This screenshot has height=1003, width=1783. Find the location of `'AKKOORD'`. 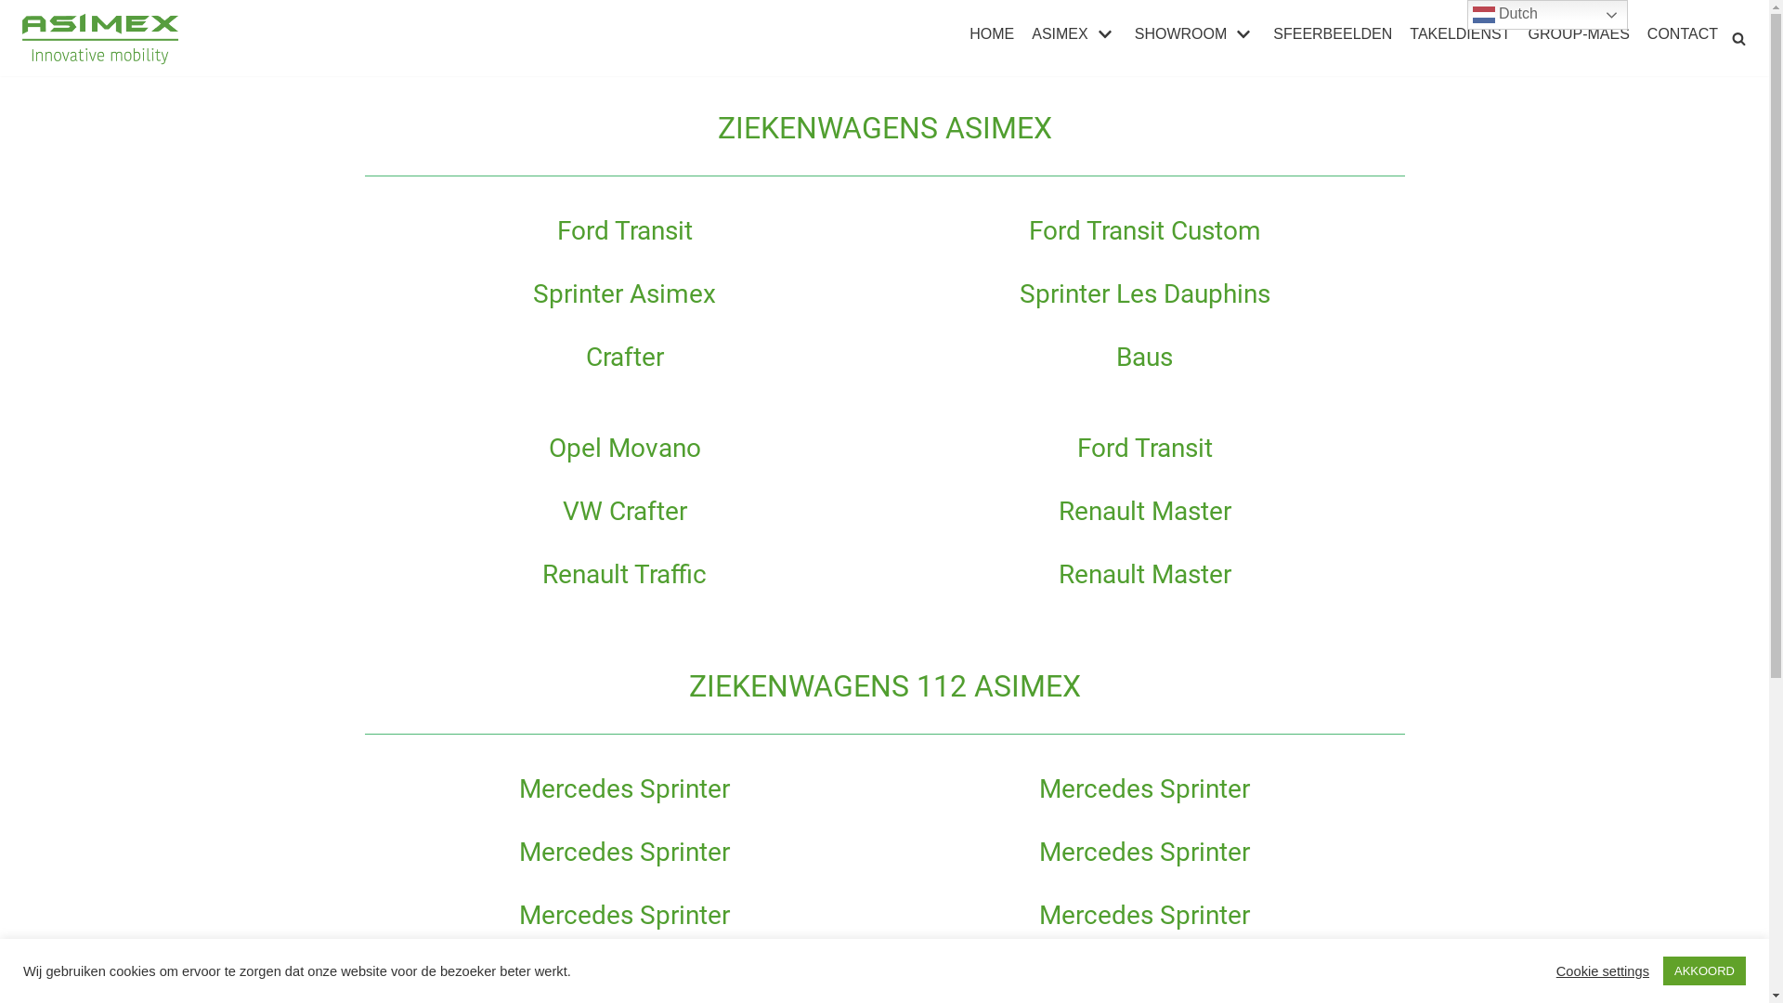

'AKKOORD' is located at coordinates (1704, 970).